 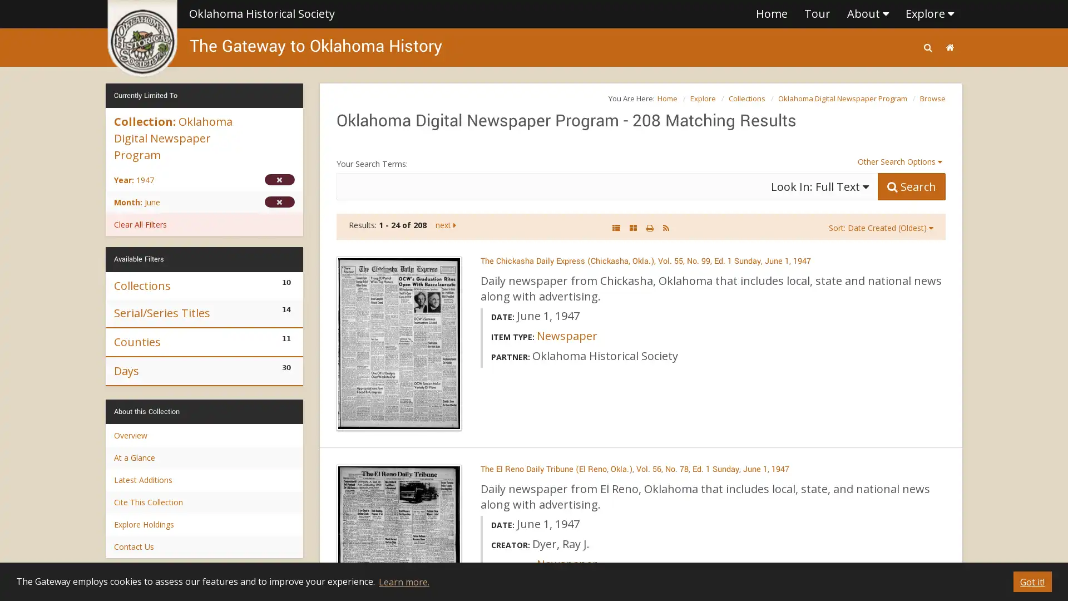 What do you see at coordinates (403, 581) in the screenshot?
I see `learn more about cookies` at bounding box center [403, 581].